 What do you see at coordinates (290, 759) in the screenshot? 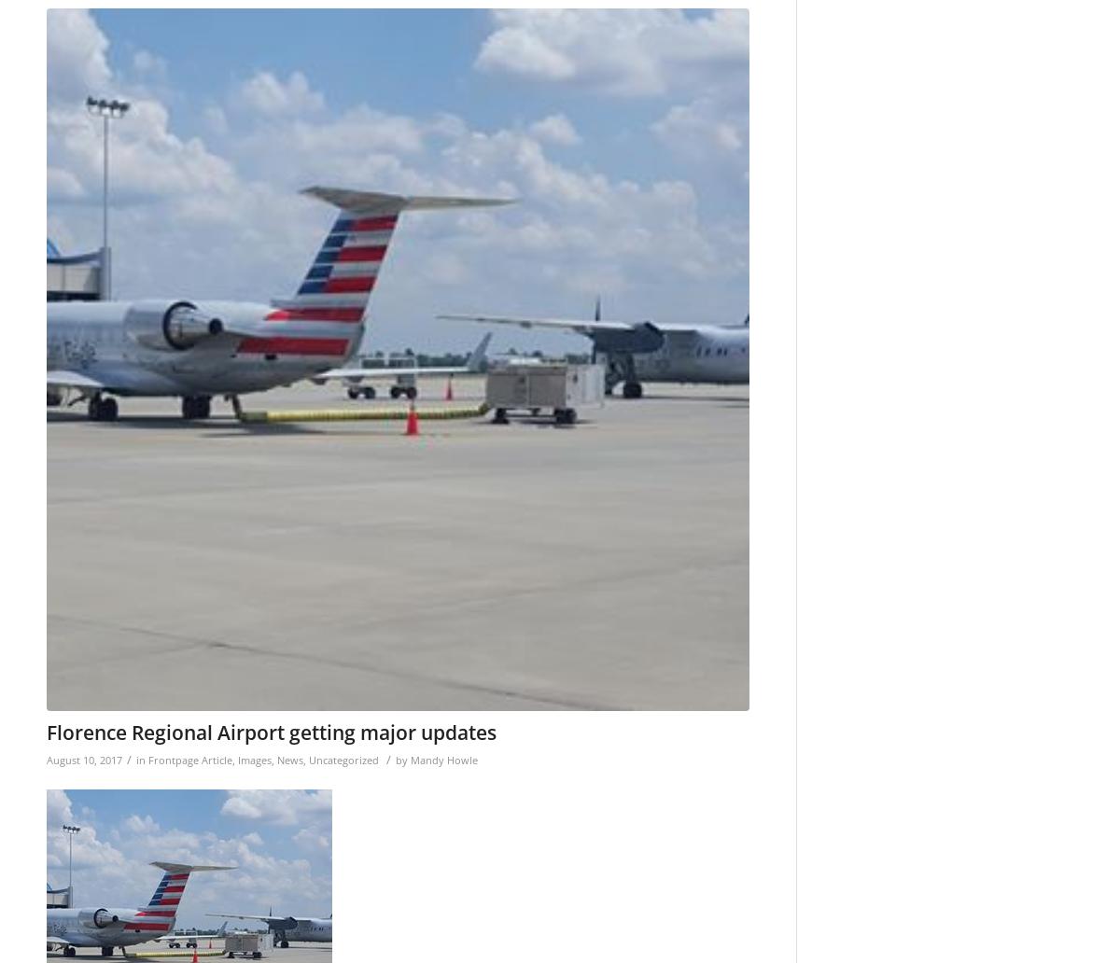
I see `'News'` at bounding box center [290, 759].